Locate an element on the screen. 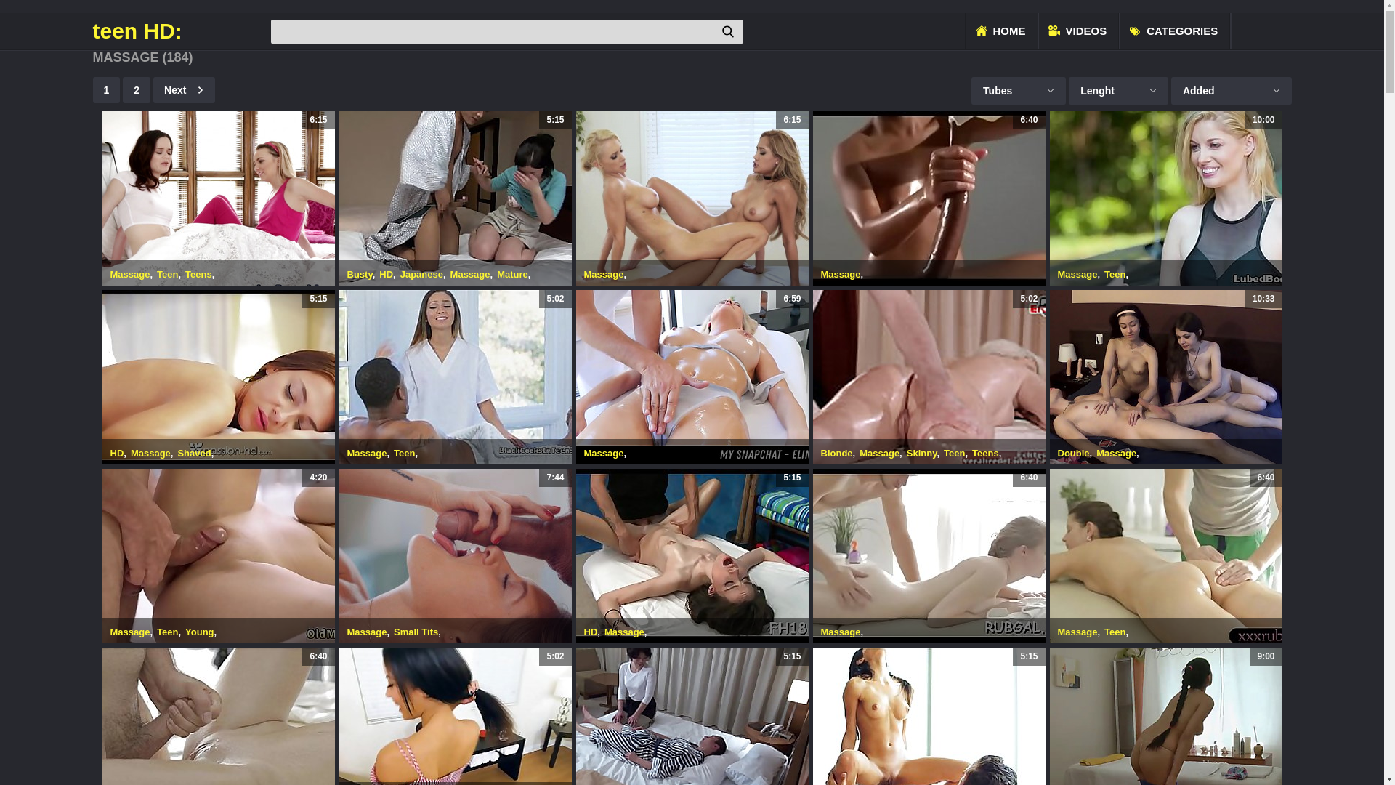 This screenshot has height=785, width=1395. '6:59' is located at coordinates (690, 377).